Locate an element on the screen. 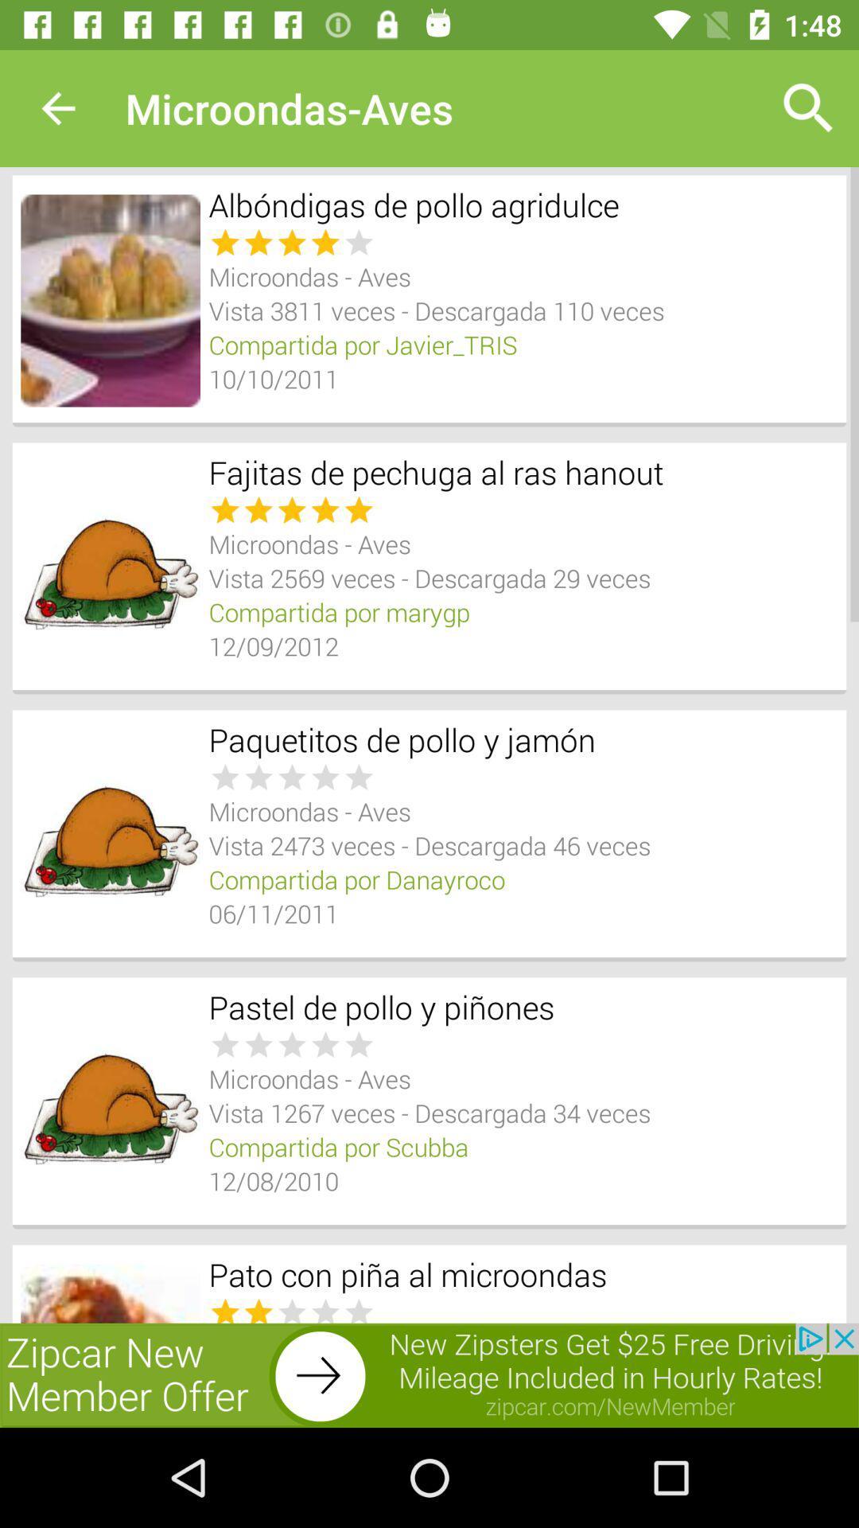  addverdisment is located at coordinates (429, 1374).